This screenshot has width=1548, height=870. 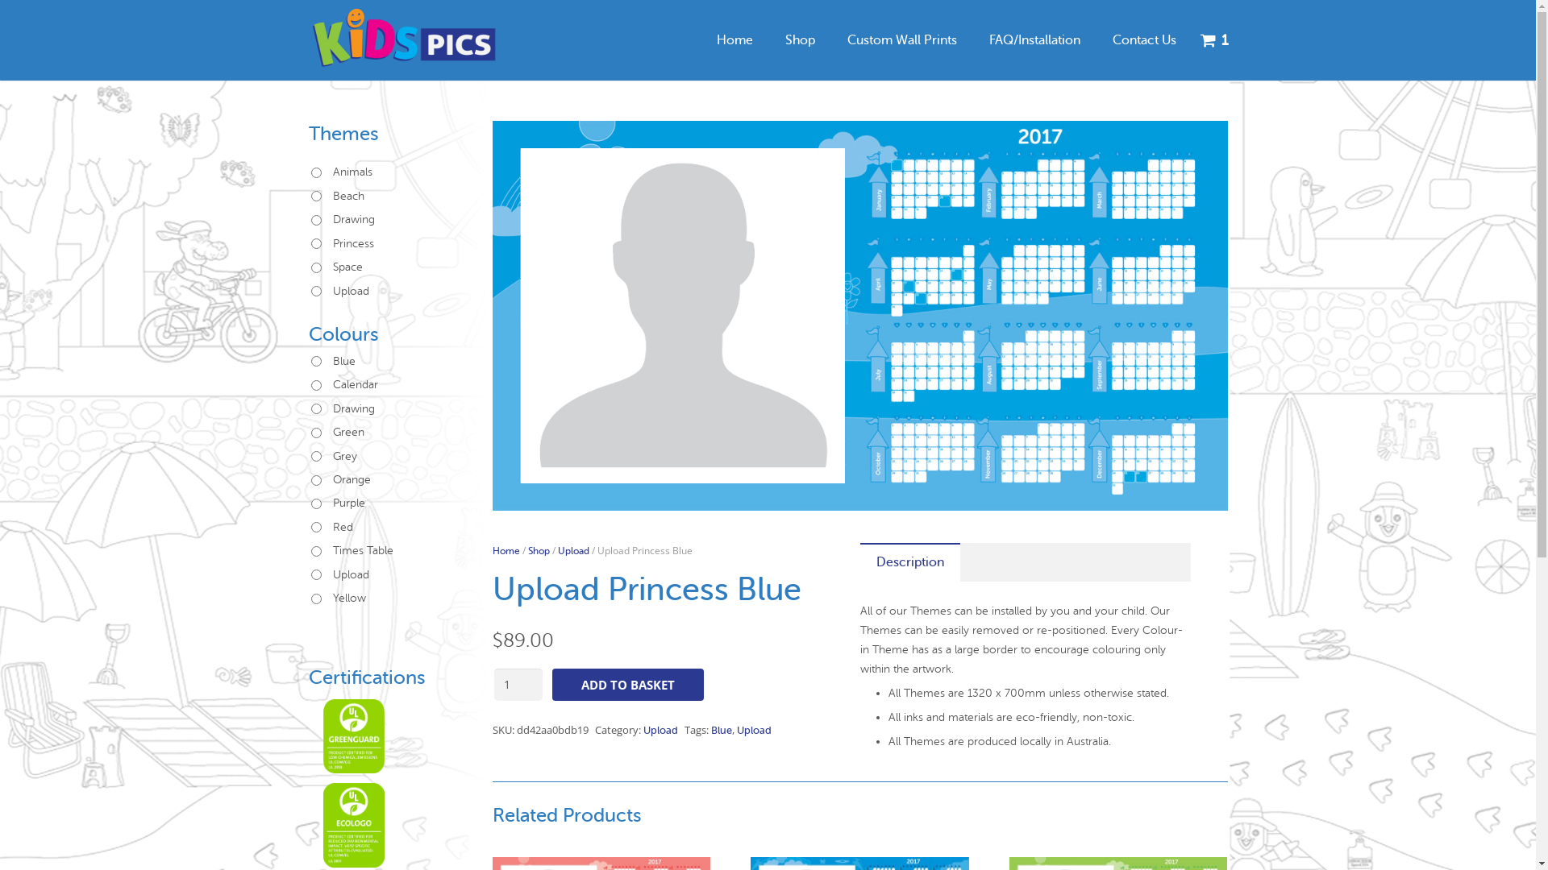 I want to click on 'ADD TO BASKET', so click(x=626, y=684).